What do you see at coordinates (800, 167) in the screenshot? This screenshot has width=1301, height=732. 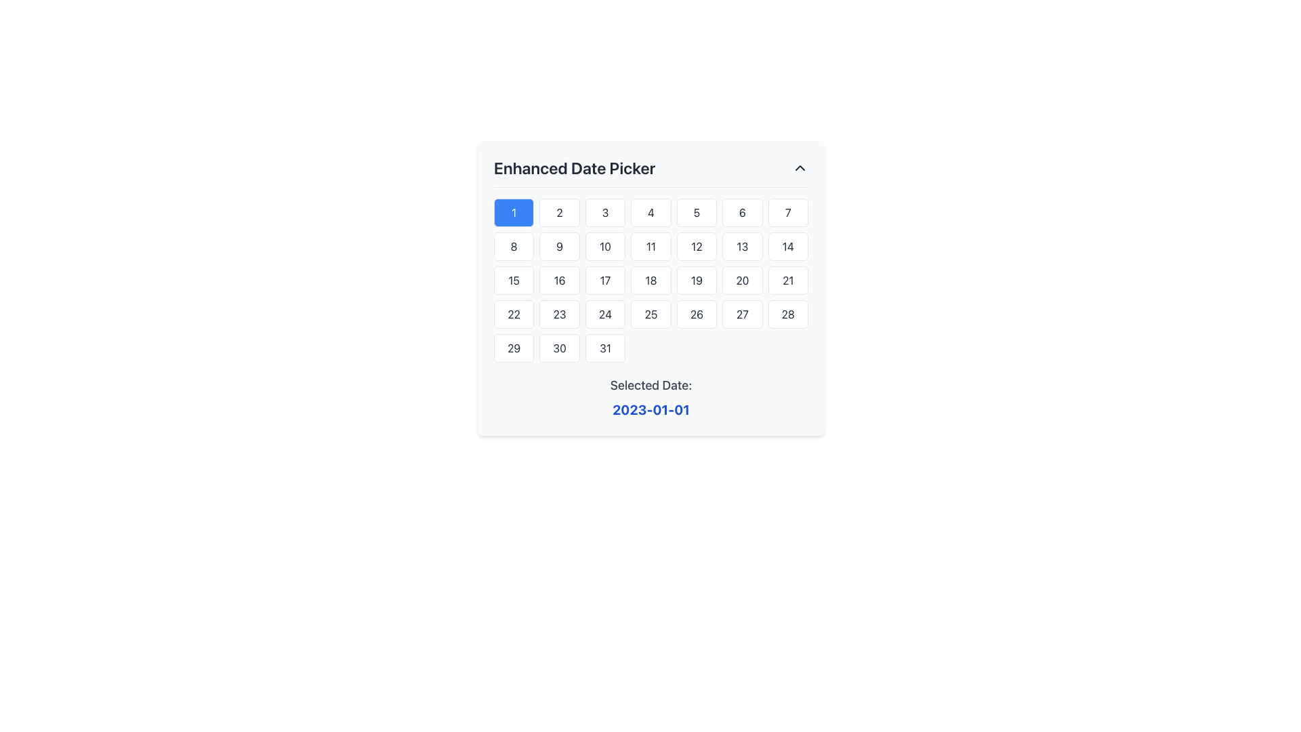 I see `the toggle button located at the rightmost end of the 'Enhanced Date Picker' header` at bounding box center [800, 167].